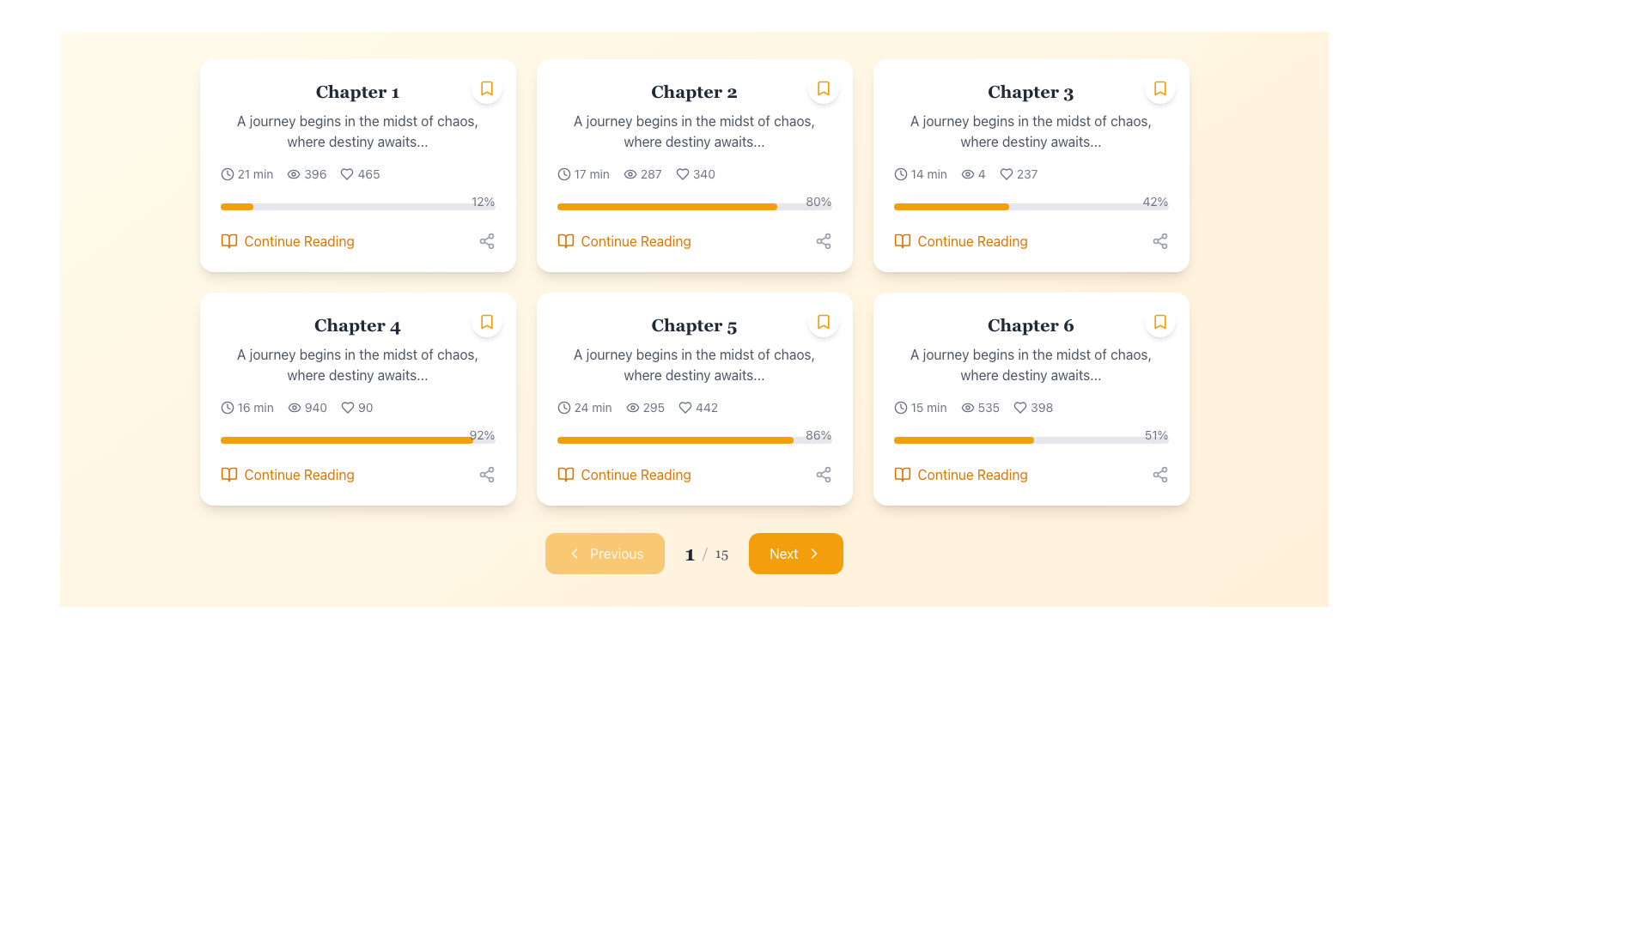 This screenshot has height=927, width=1649. Describe the element at coordinates (822, 321) in the screenshot. I see `the bookmark toggle button located in the top-right corner of the card for 'Chapter 5'` at that location.